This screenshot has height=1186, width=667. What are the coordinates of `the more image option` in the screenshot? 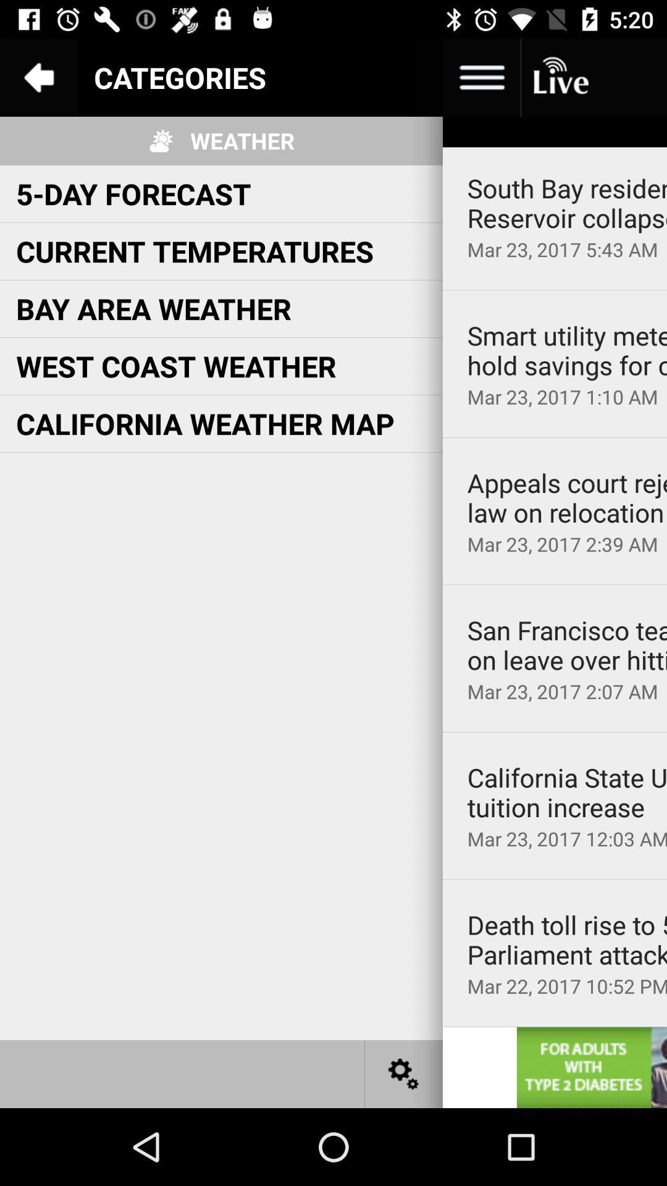 It's located at (480, 77).